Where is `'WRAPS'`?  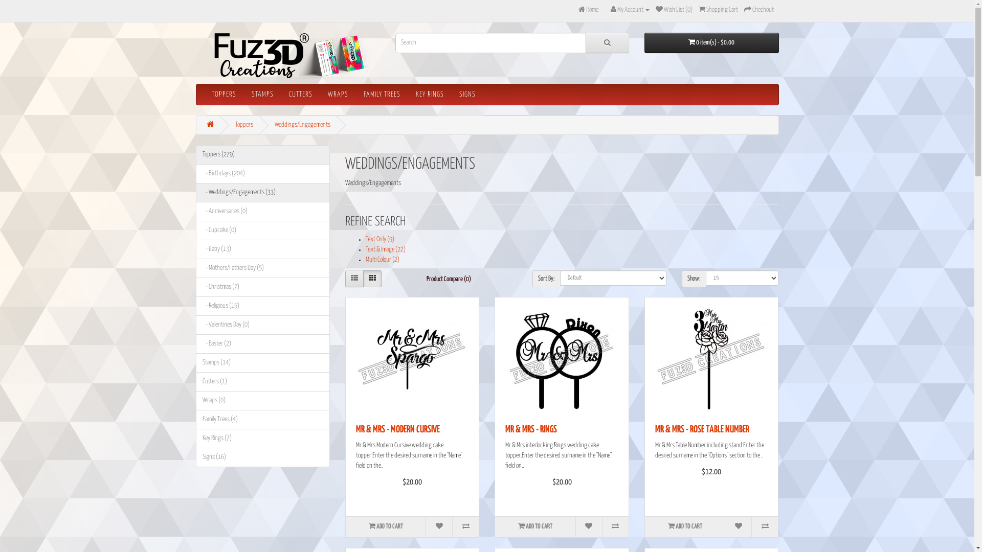 'WRAPS' is located at coordinates (319, 95).